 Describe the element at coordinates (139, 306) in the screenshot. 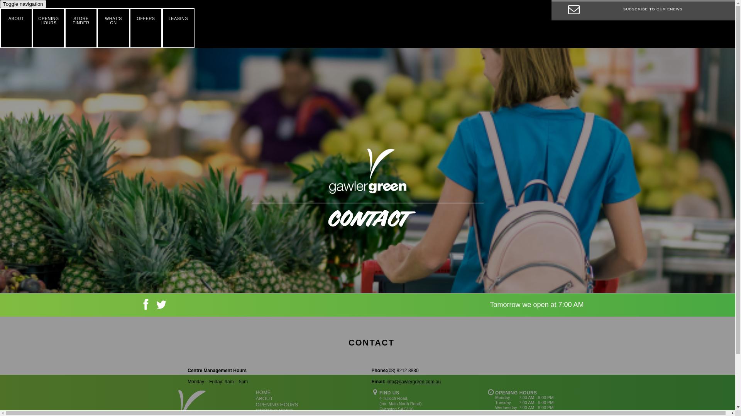

I see `'Facebook'` at that location.